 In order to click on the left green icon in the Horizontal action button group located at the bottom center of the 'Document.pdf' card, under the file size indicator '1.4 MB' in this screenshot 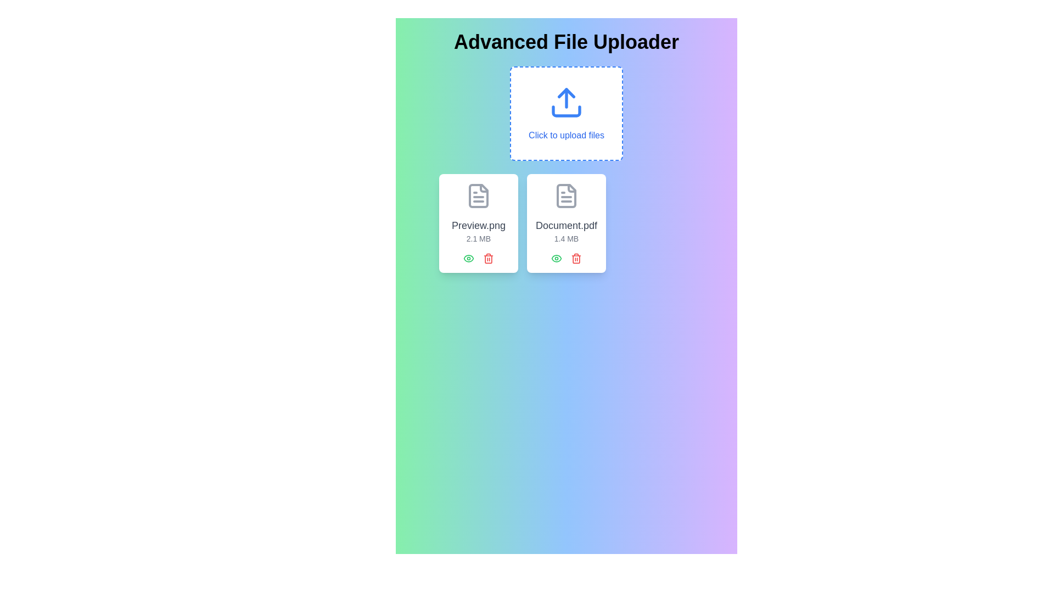, I will do `click(567, 258)`.